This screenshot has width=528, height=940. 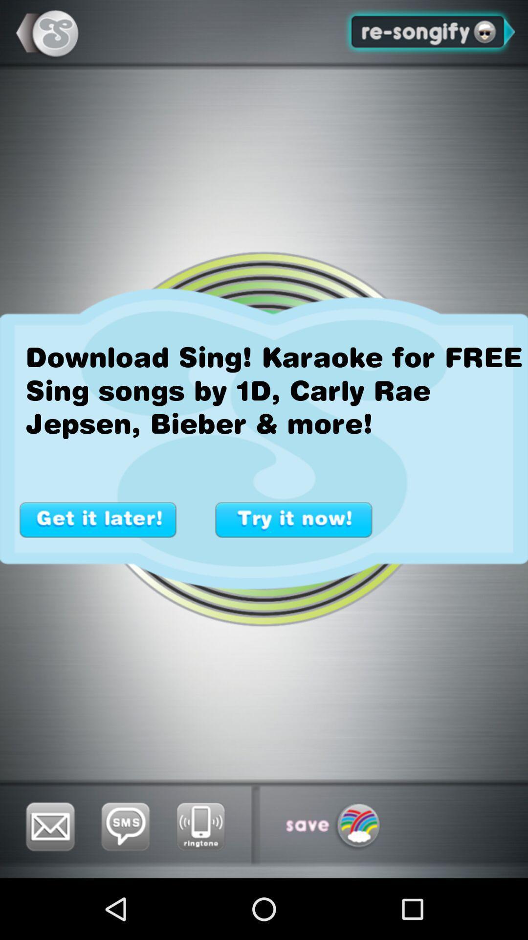 What do you see at coordinates (293, 519) in the screenshot?
I see `try it button` at bounding box center [293, 519].